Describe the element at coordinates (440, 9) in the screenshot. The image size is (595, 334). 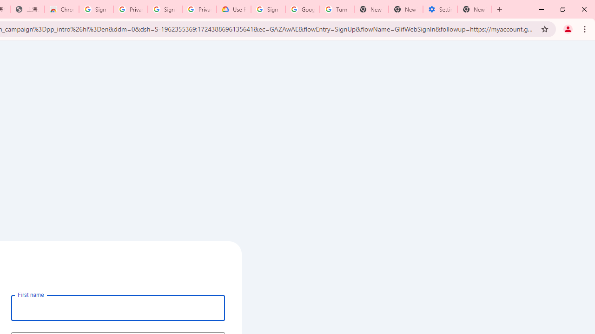
I see `'Settings - System'` at that location.